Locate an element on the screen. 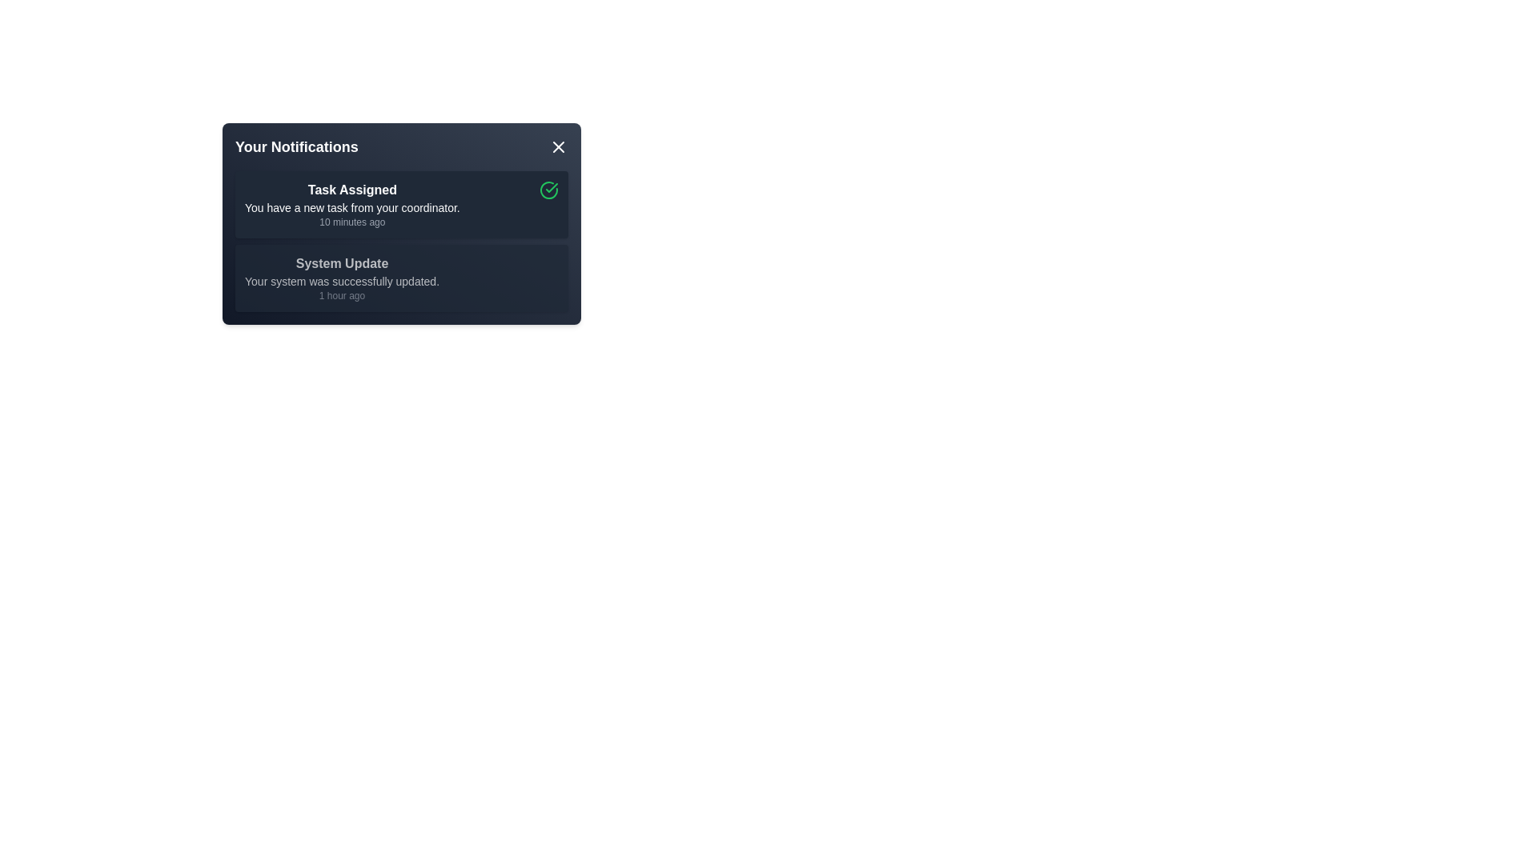 The height and width of the screenshot is (864, 1537). the text label displaying '1 hour ago', which is located under the message 'Your system was successfully updated.' in the notification pane is located at coordinates (341, 296).